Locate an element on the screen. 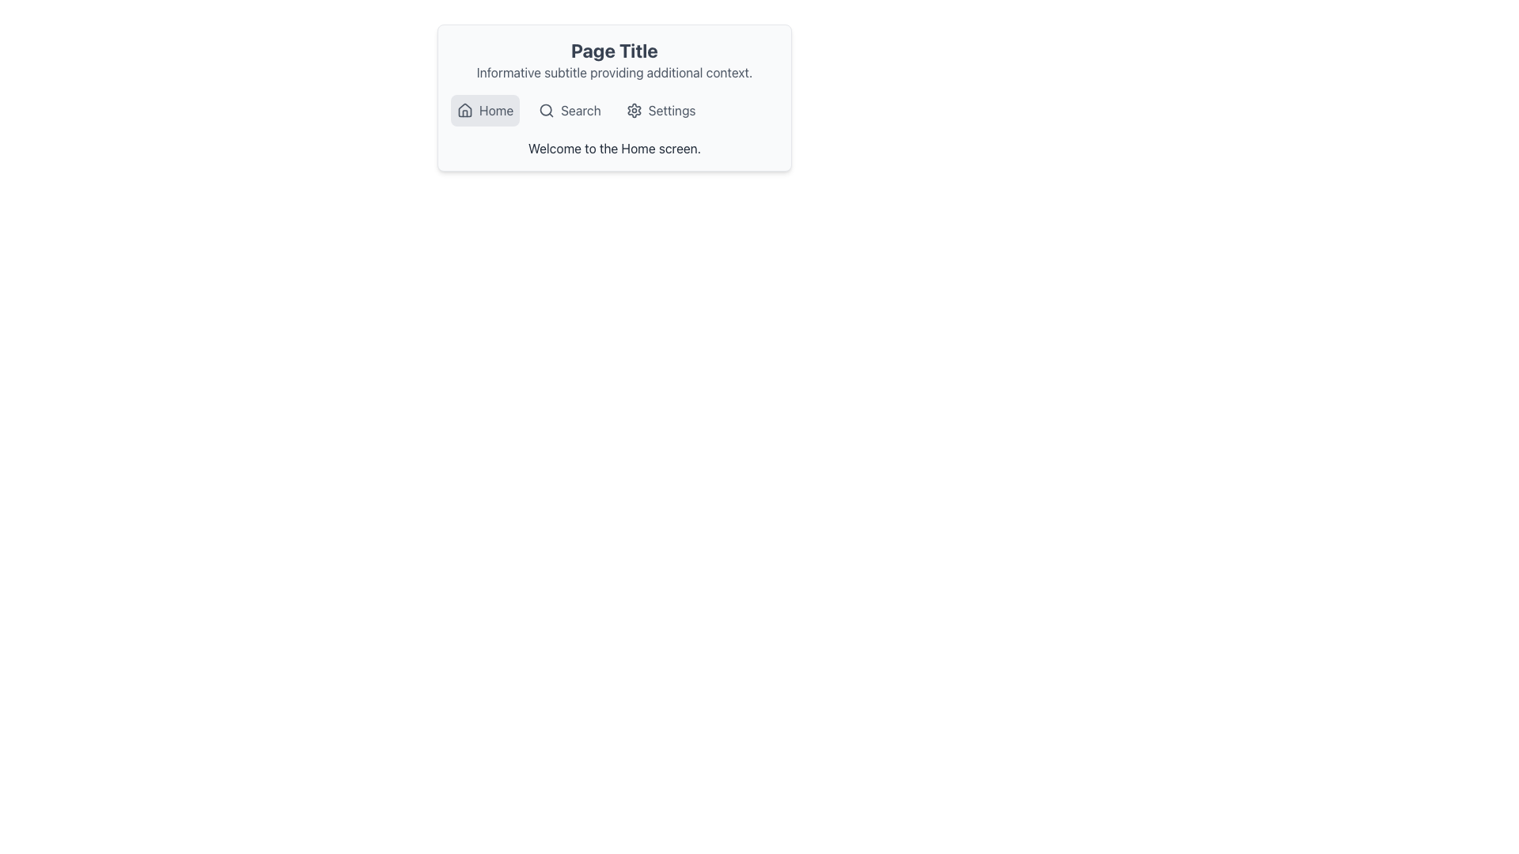 This screenshot has width=1519, height=854. the static text label displaying 'Home' located next to the house icon in the horizontal navigation area is located at coordinates (495, 109).